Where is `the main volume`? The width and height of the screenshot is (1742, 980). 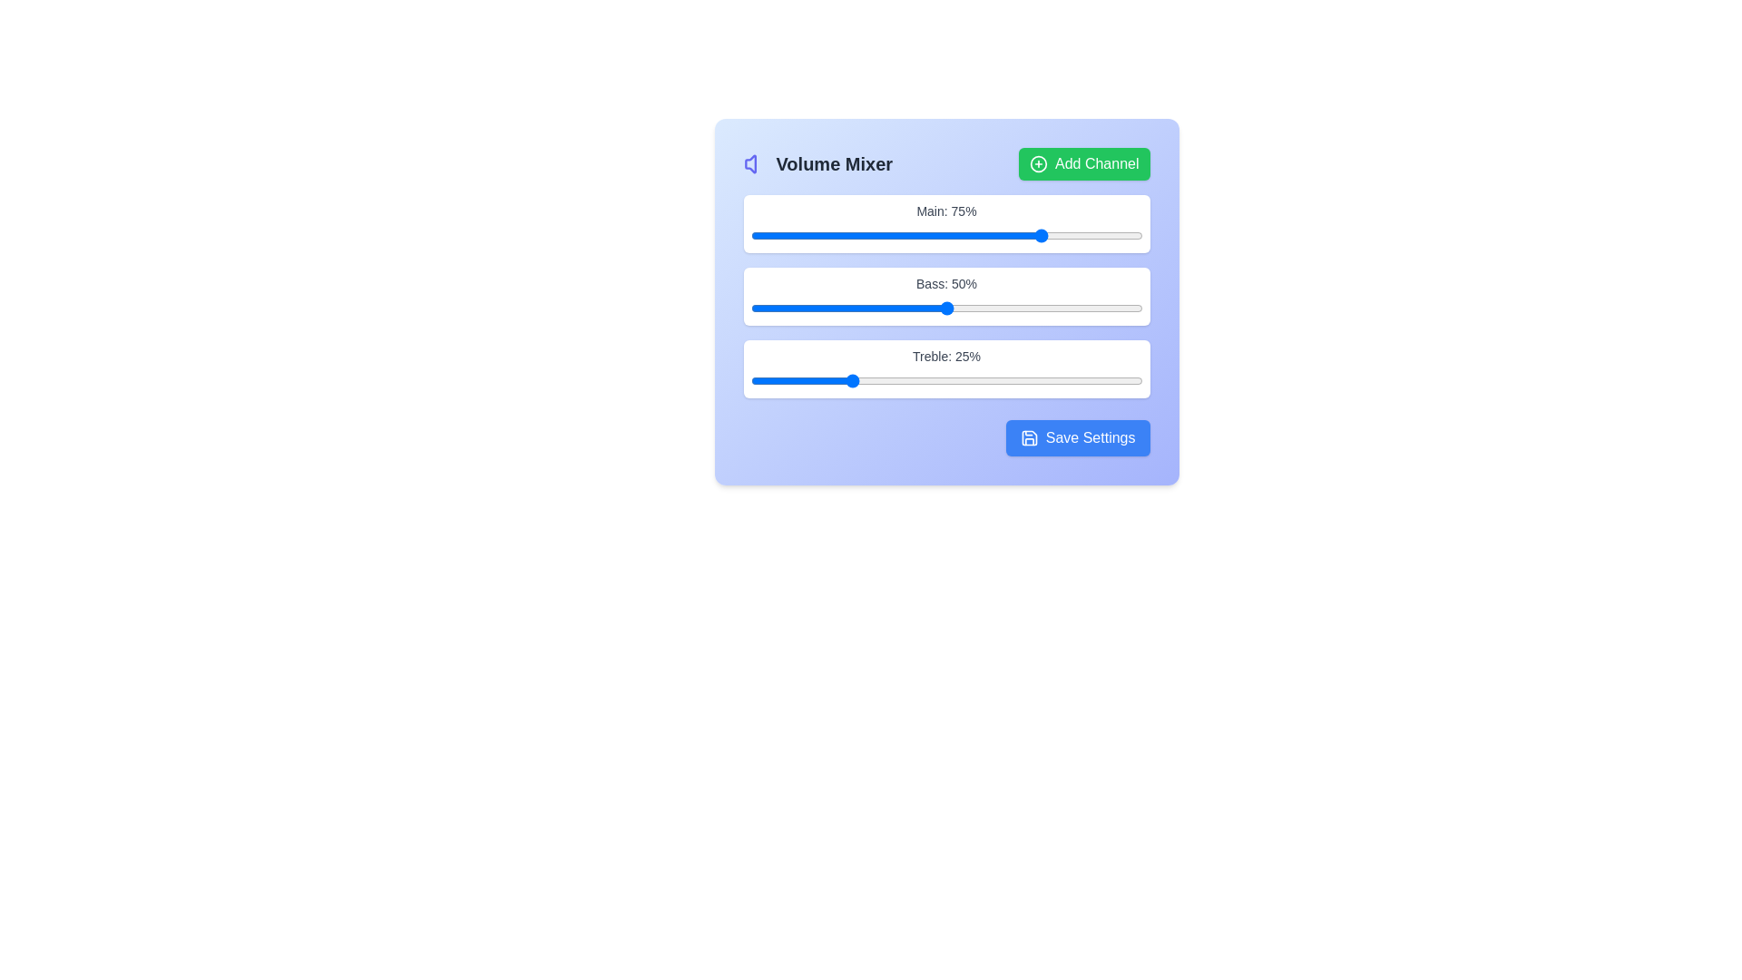 the main volume is located at coordinates (911, 234).